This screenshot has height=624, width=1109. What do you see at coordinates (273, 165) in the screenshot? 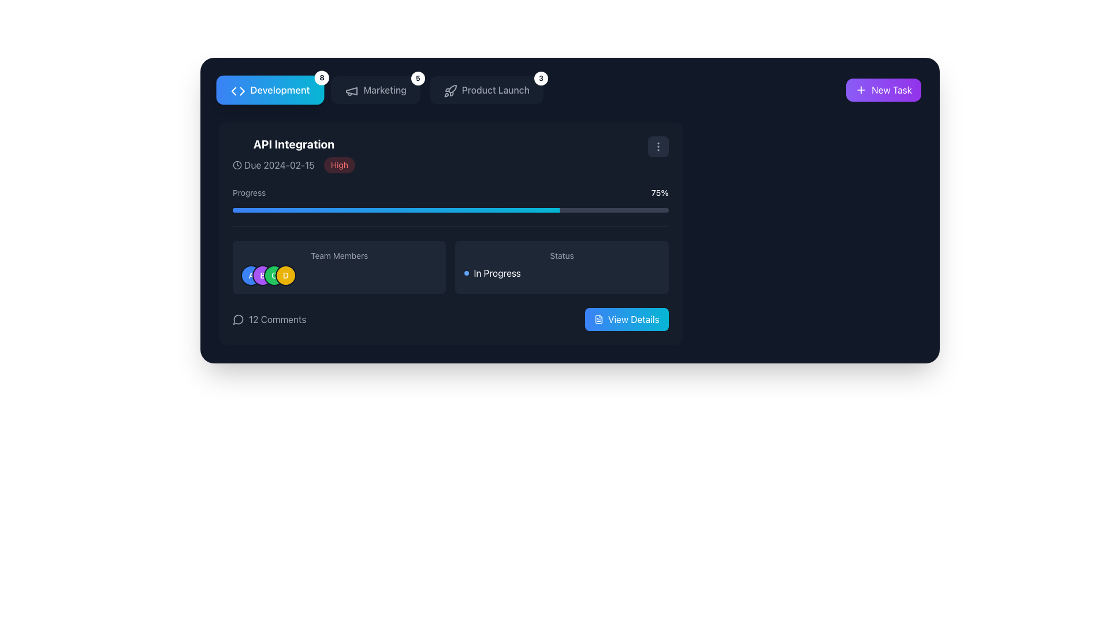
I see `the Informational Label displaying 'Due 2024-02-15' with a clock icon, located left of the 'High' element within the 'API Integration' card` at bounding box center [273, 165].